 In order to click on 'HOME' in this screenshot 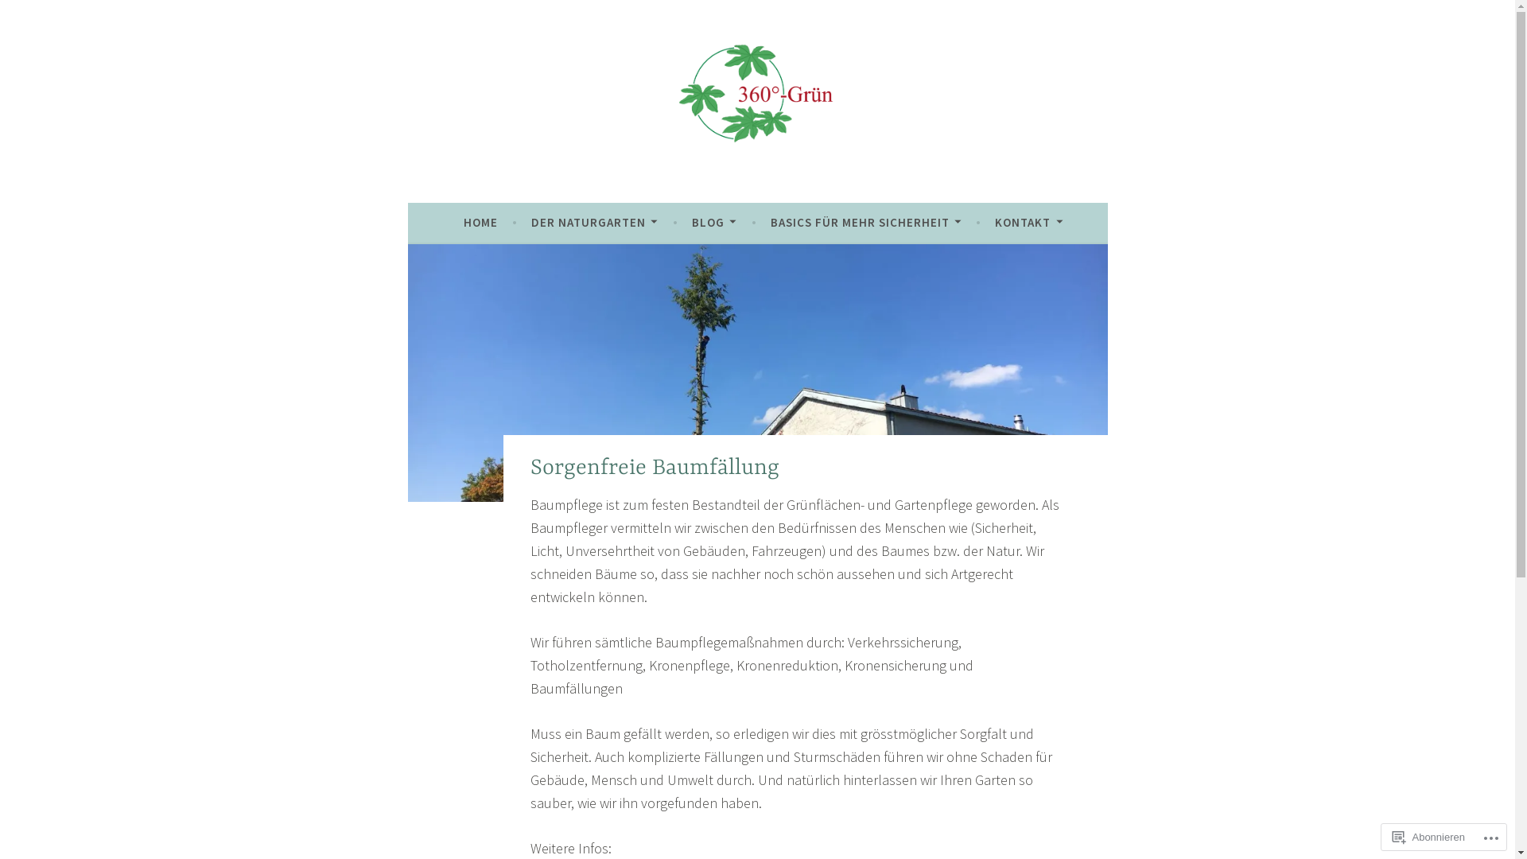, I will do `click(462, 223)`.